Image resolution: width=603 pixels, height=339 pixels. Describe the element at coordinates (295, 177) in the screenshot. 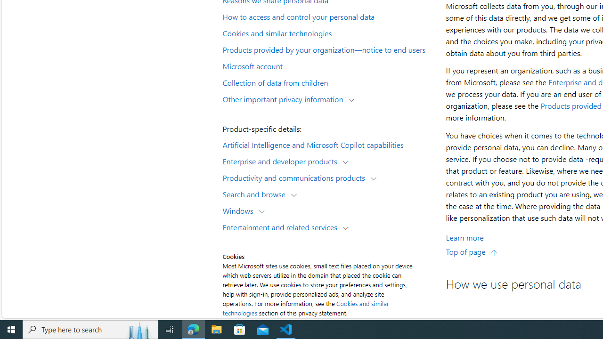

I see `'Productivity and communications products'` at that location.